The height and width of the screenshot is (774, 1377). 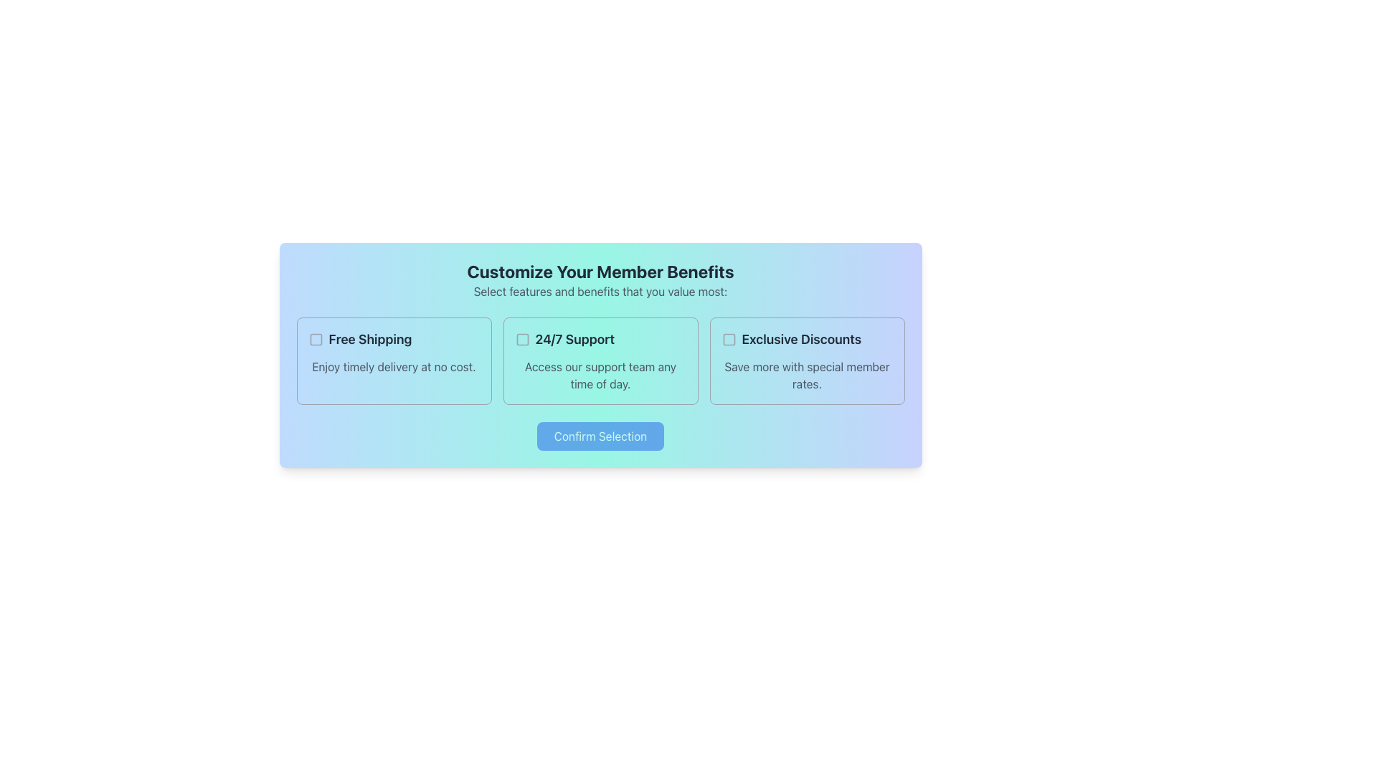 What do you see at coordinates (600, 436) in the screenshot?
I see `the 'Confirm Selection' button, which is a rectangular button with a blue background and white text, centrally located within the bottom section of a styled card component` at bounding box center [600, 436].